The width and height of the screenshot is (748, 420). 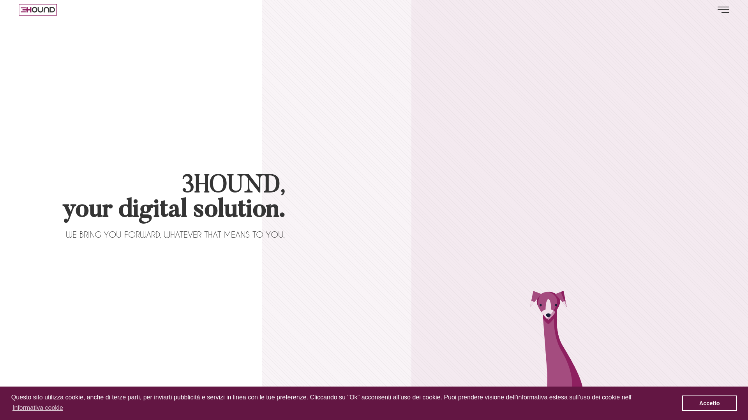 What do you see at coordinates (37, 408) in the screenshot?
I see `'Informativa cookie'` at bounding box center [37, 408].